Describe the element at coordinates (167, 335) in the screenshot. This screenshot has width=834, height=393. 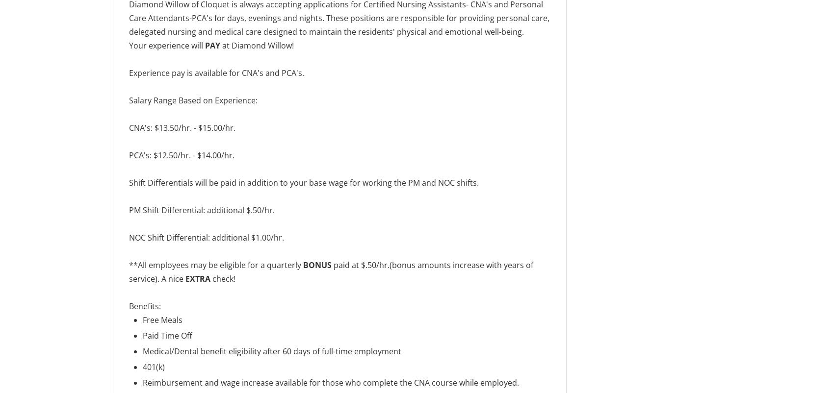
I see `'Paid Time Off'` at that location.